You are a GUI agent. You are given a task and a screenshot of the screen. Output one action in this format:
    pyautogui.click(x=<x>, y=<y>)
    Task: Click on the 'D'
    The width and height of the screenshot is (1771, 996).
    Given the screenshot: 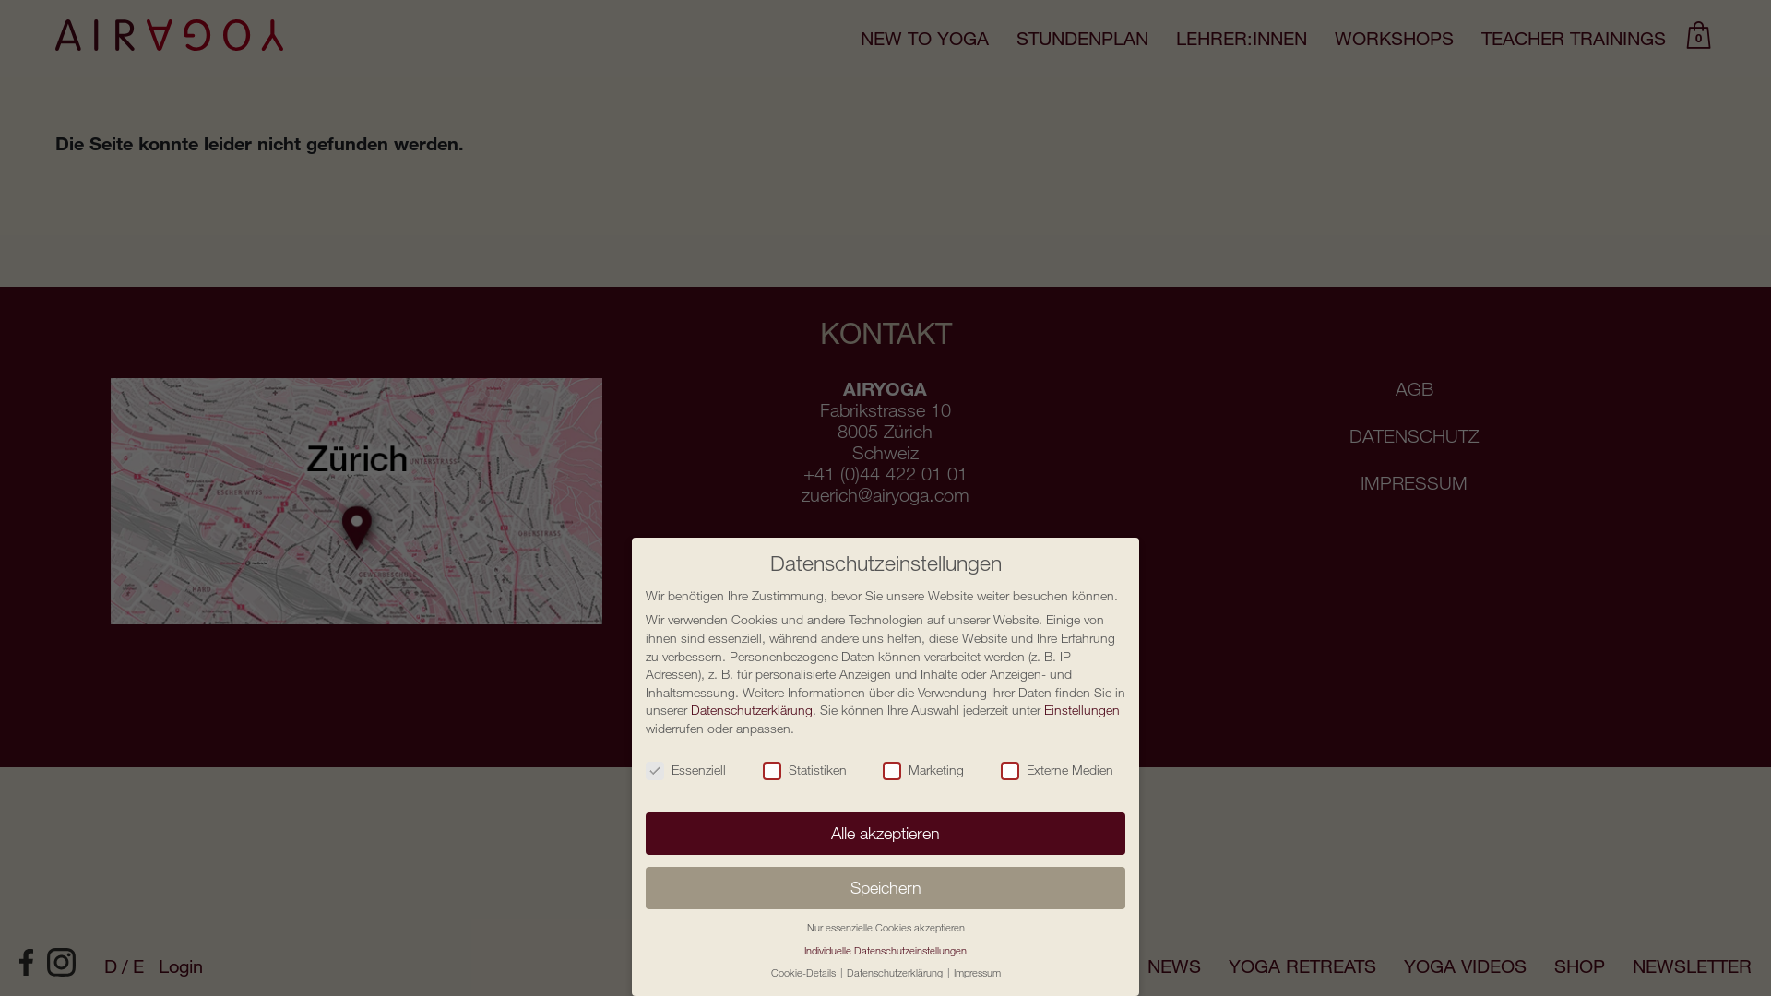 What is the action you would take?
    pyautogui.click(x=117, y=964)
    